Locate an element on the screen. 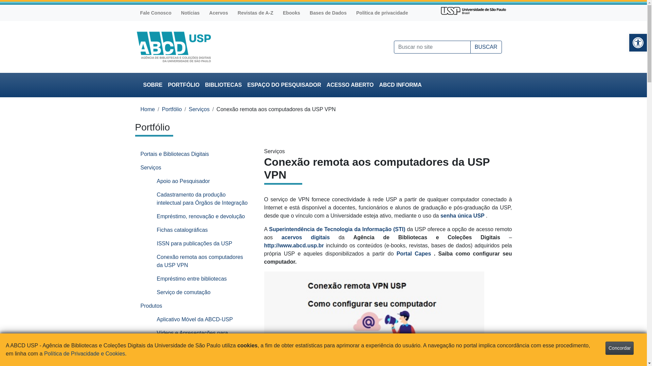  'BUSCAR' is located at coordinates (486, 46).